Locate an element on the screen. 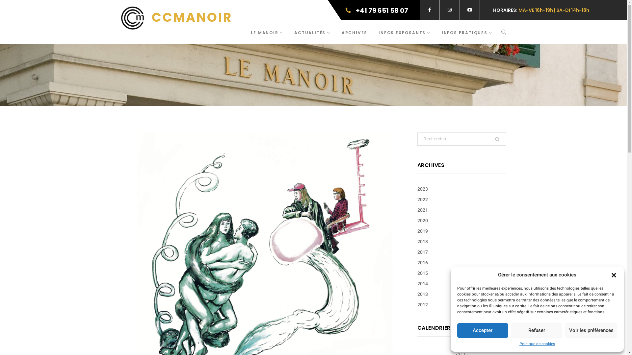 This screenshot has height=355, width=632. 'Refuser' is located at coordinates (537, 330).